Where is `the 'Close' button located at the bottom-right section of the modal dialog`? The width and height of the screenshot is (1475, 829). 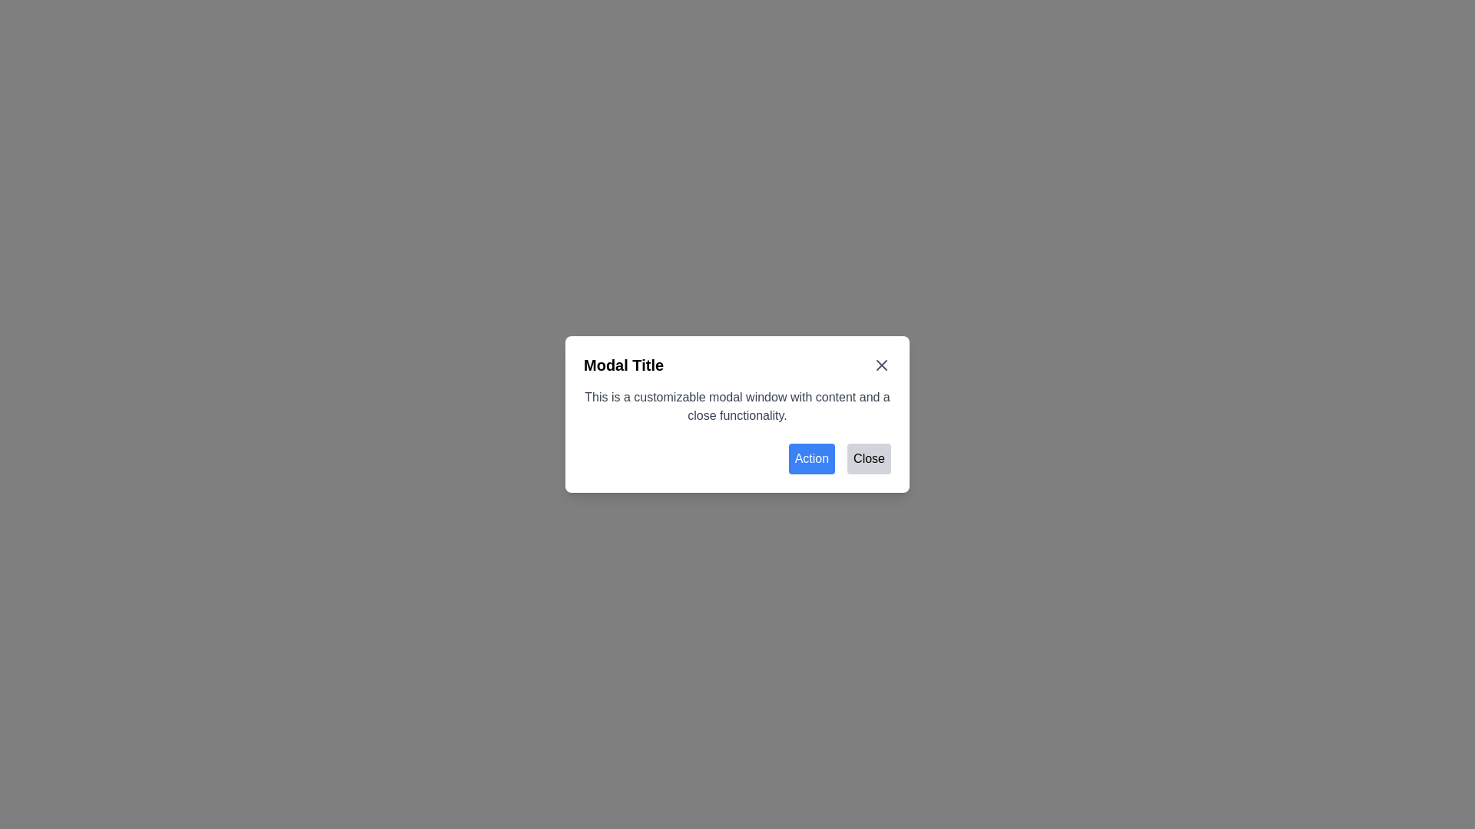
the 'Close' button located at the bottom-right section of the modal dialog is located at coordinates (869, 457).